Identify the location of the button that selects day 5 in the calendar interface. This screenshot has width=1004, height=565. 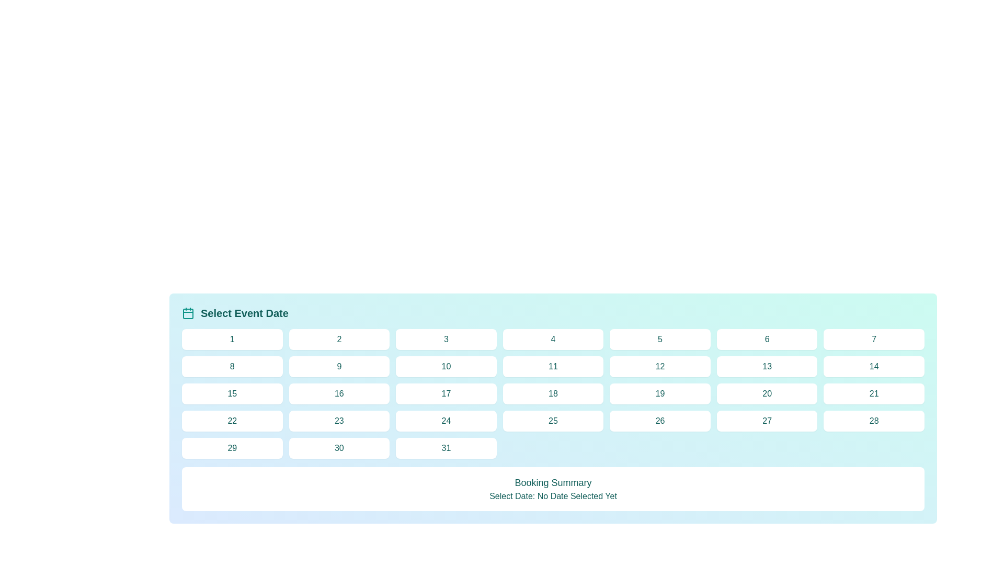
(659, 339).